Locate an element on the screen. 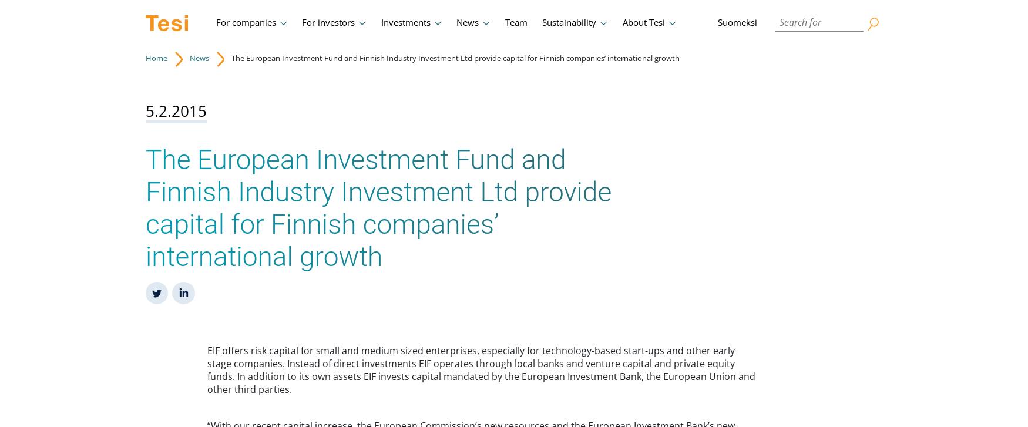 The height and width of the screenshot is (427, 1028). 'Investments' is located at coordinates (405, 22).